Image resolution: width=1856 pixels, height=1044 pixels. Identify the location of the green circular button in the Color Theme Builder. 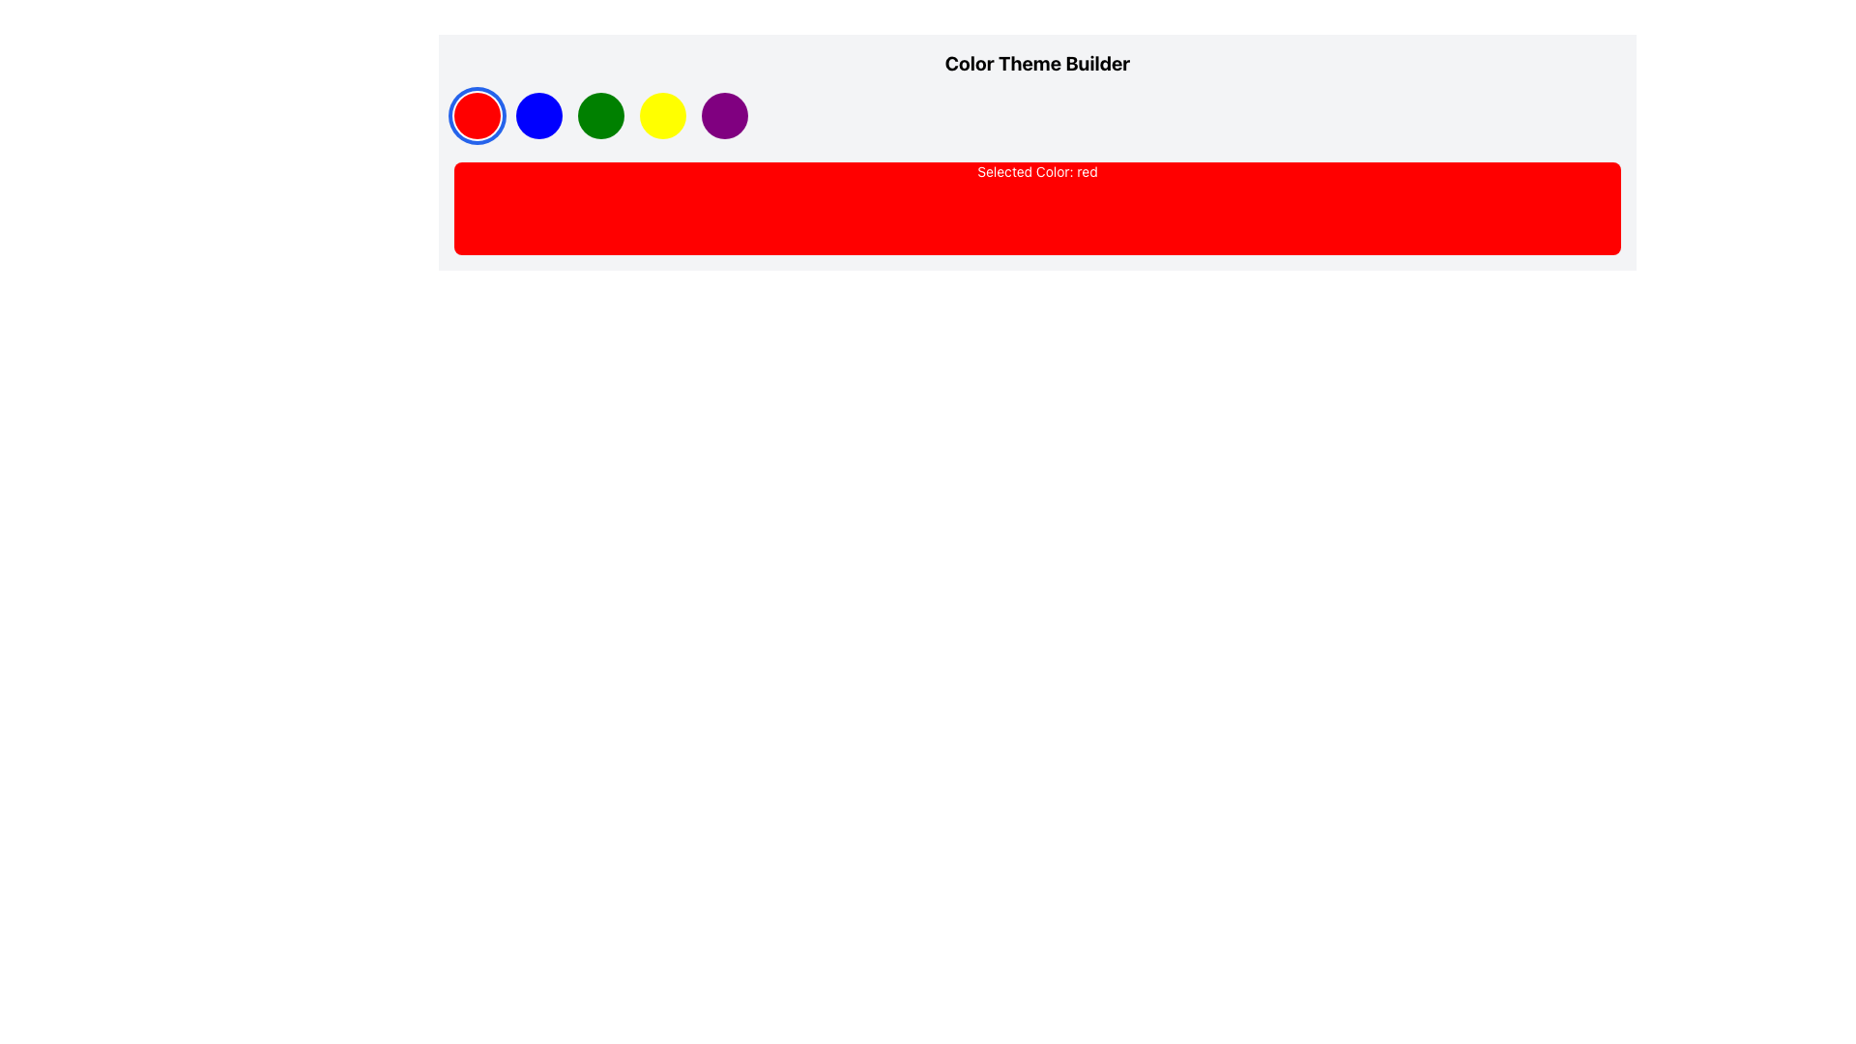
(1036, 115).